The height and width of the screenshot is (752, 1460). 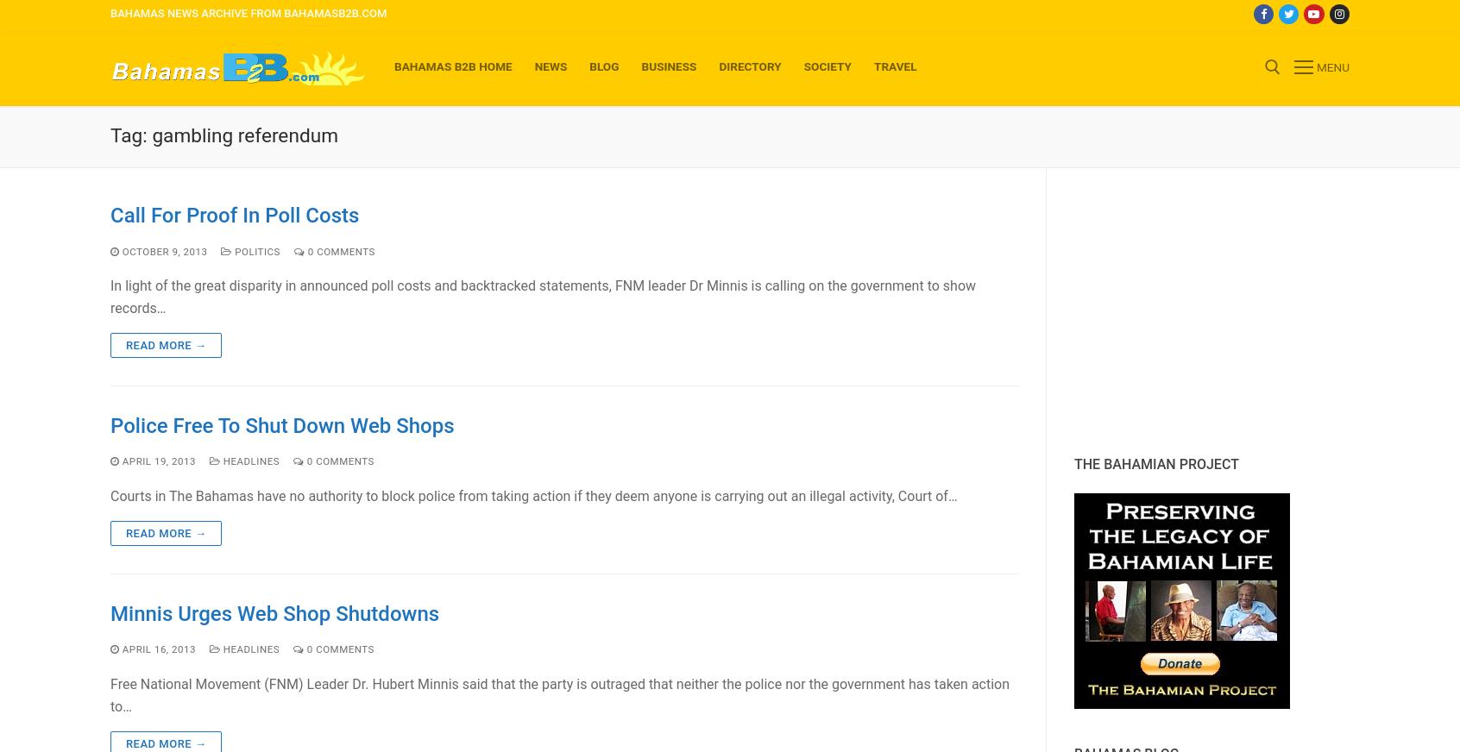 What do you see at coordinates (749, 65) in the screenshot?
I see `'Directory'` at bounding box center [749, 65].